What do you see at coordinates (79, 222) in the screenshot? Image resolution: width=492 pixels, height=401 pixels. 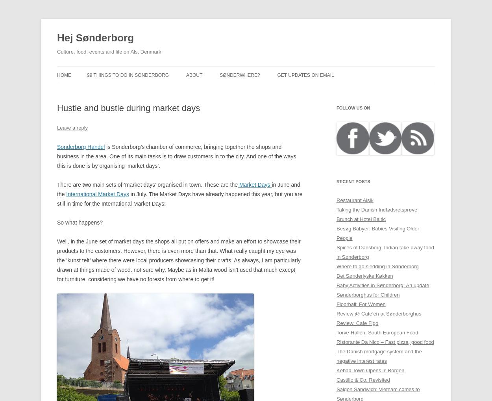 I see `'So what happens?'` at bounding box center [79, 222].